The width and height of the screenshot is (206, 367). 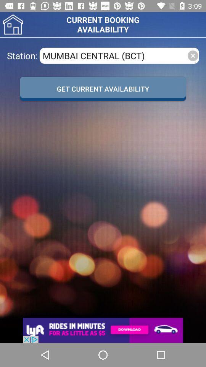 What do you see at coordinates (13, 24) in the screenshot?
I see `home page the article` at bounding box center [13, 24].